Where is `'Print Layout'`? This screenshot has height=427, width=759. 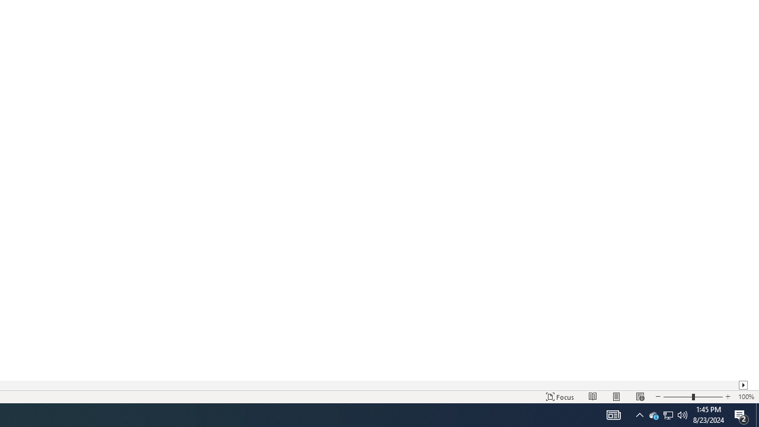 'Print Layout' is located at coordinates (617, 397).